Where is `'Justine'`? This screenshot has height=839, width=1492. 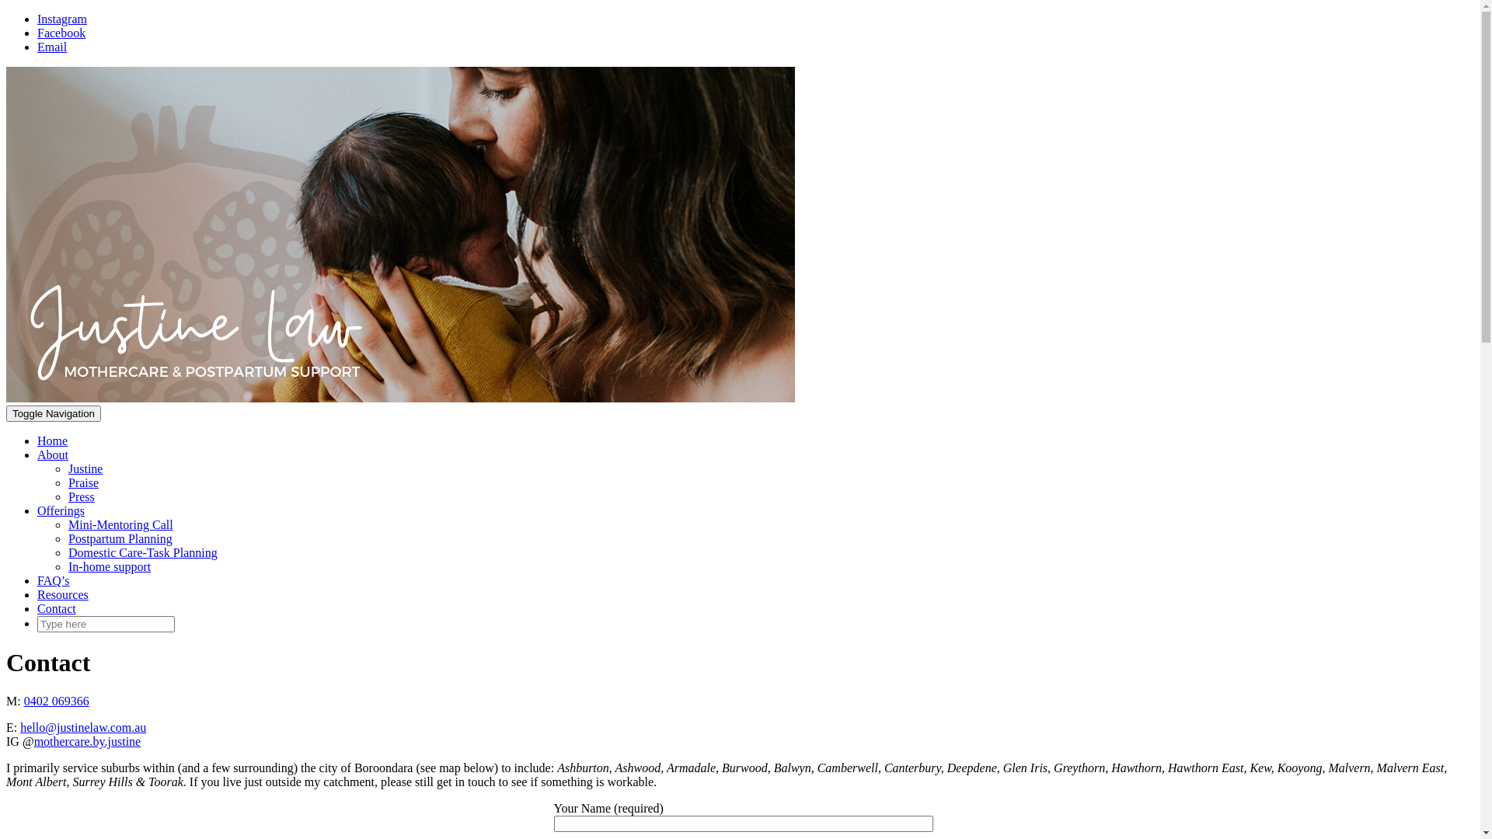 'Justine' is located at coordinates (85, 468).